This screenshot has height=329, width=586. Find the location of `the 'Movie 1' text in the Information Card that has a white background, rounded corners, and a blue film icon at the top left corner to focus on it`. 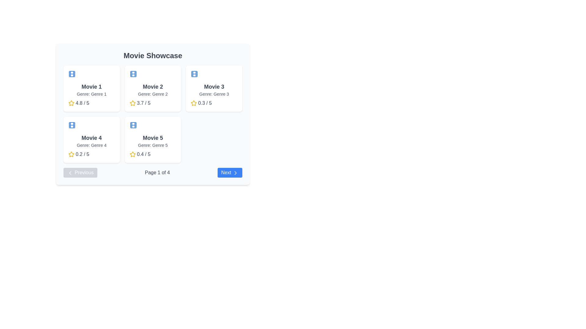

the 'Movie 1' text in the Information Card that has a white background, rounded corners, and a blue film icon at the top left corner to focus on it is located at coordinates (91, 88).